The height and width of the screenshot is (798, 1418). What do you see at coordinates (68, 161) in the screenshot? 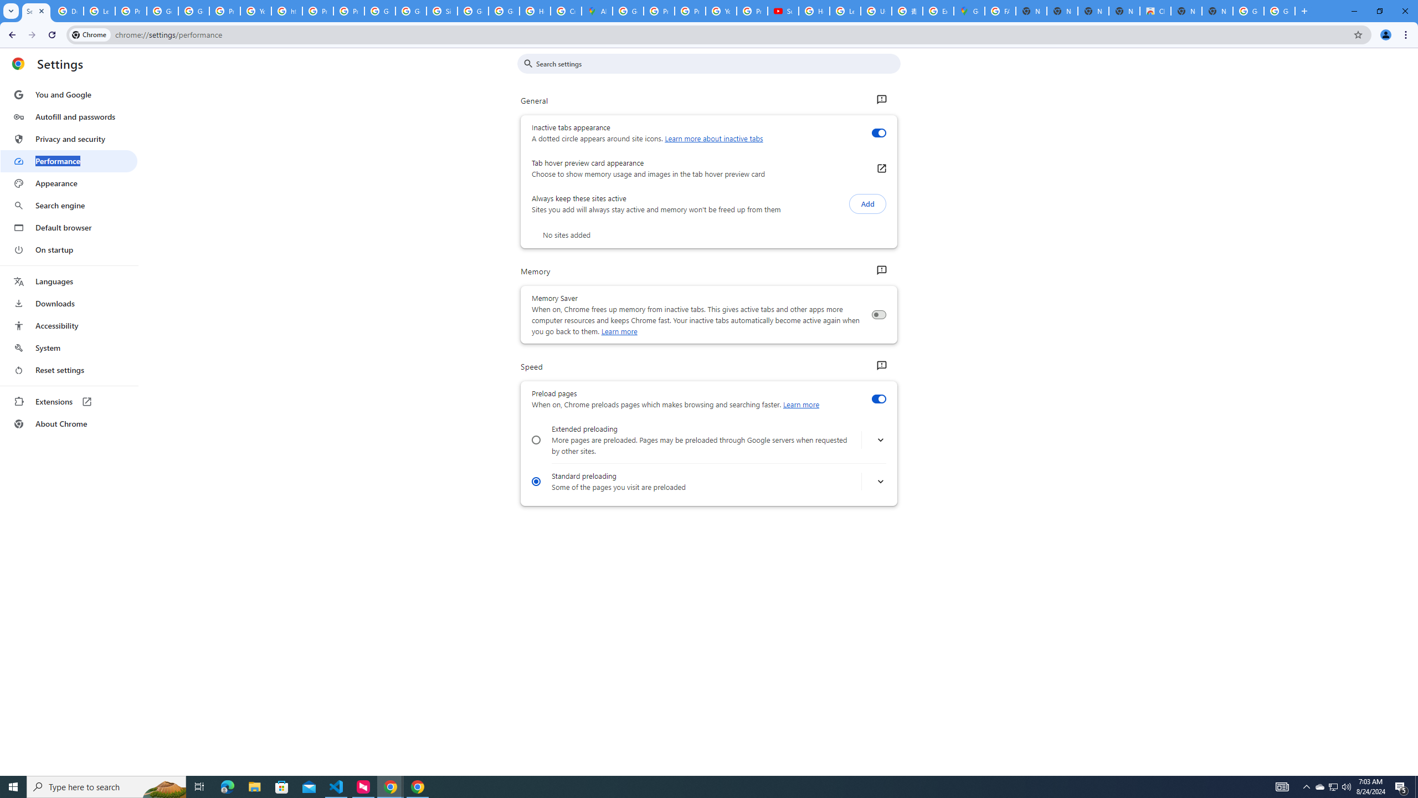
I see `'Performance'` at bounding box center [68, 161].